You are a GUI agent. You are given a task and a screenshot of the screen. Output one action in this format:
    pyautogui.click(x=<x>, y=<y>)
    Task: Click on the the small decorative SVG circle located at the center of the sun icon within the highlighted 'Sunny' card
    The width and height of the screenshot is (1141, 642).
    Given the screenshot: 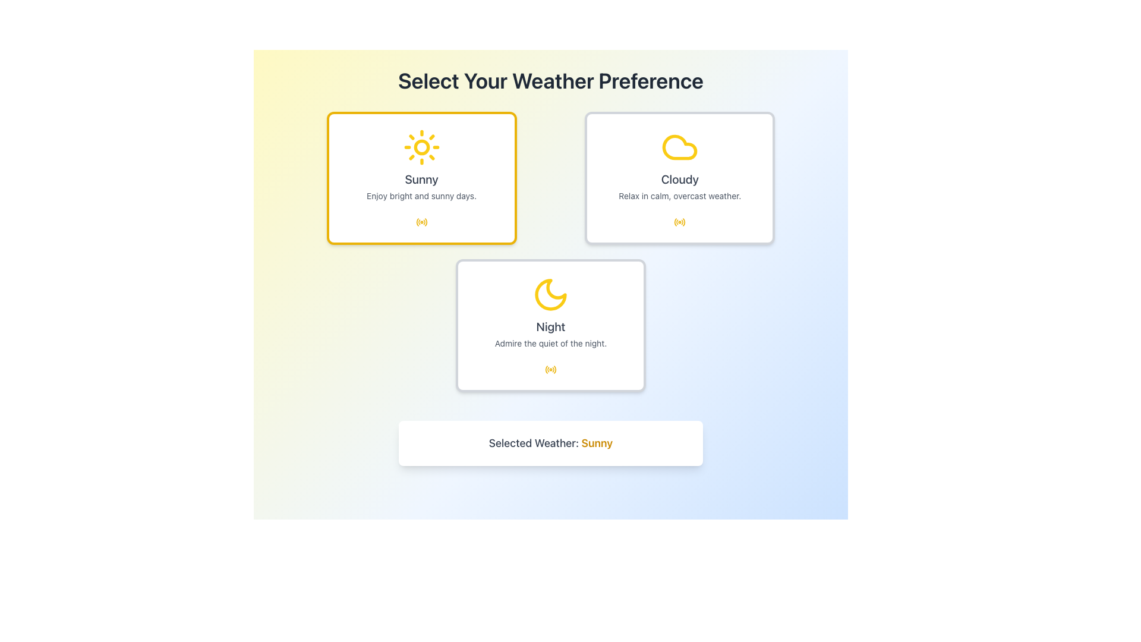 What is the action you would take?
    pyautogui.click(x=421, y=146)
    